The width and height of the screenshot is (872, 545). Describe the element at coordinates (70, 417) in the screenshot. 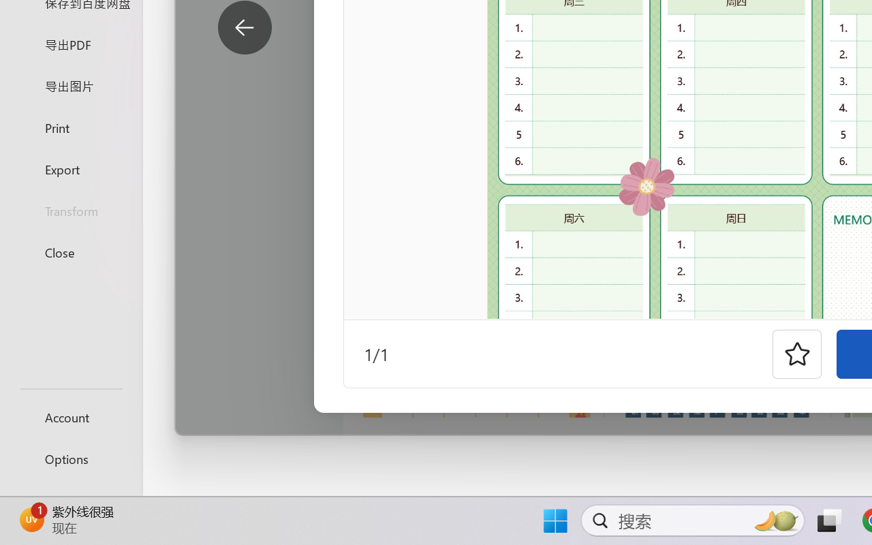

I see `'Account'` at that location.